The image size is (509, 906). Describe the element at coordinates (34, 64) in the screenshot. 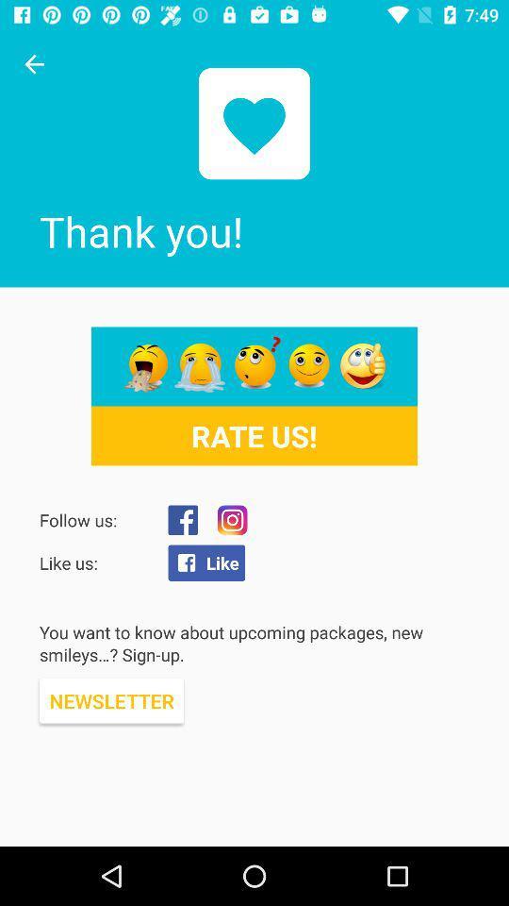

I see `previous page` at that location.